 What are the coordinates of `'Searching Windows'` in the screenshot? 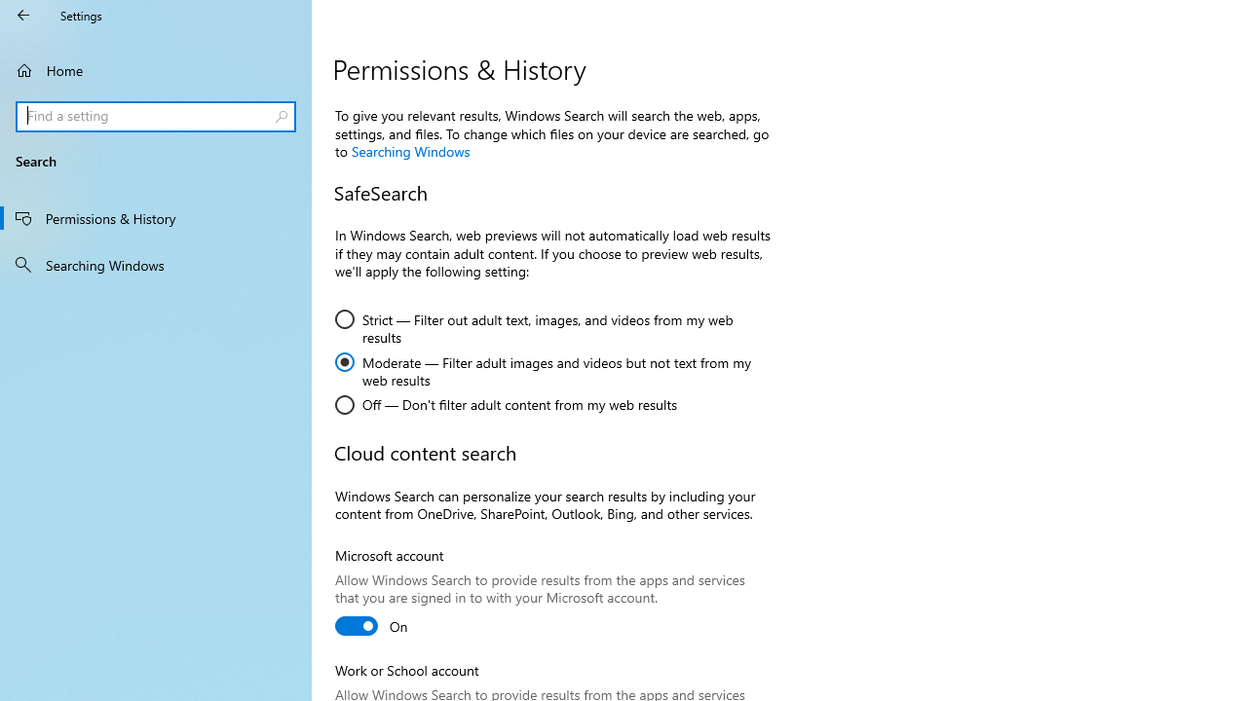 It's located at (156, 264).